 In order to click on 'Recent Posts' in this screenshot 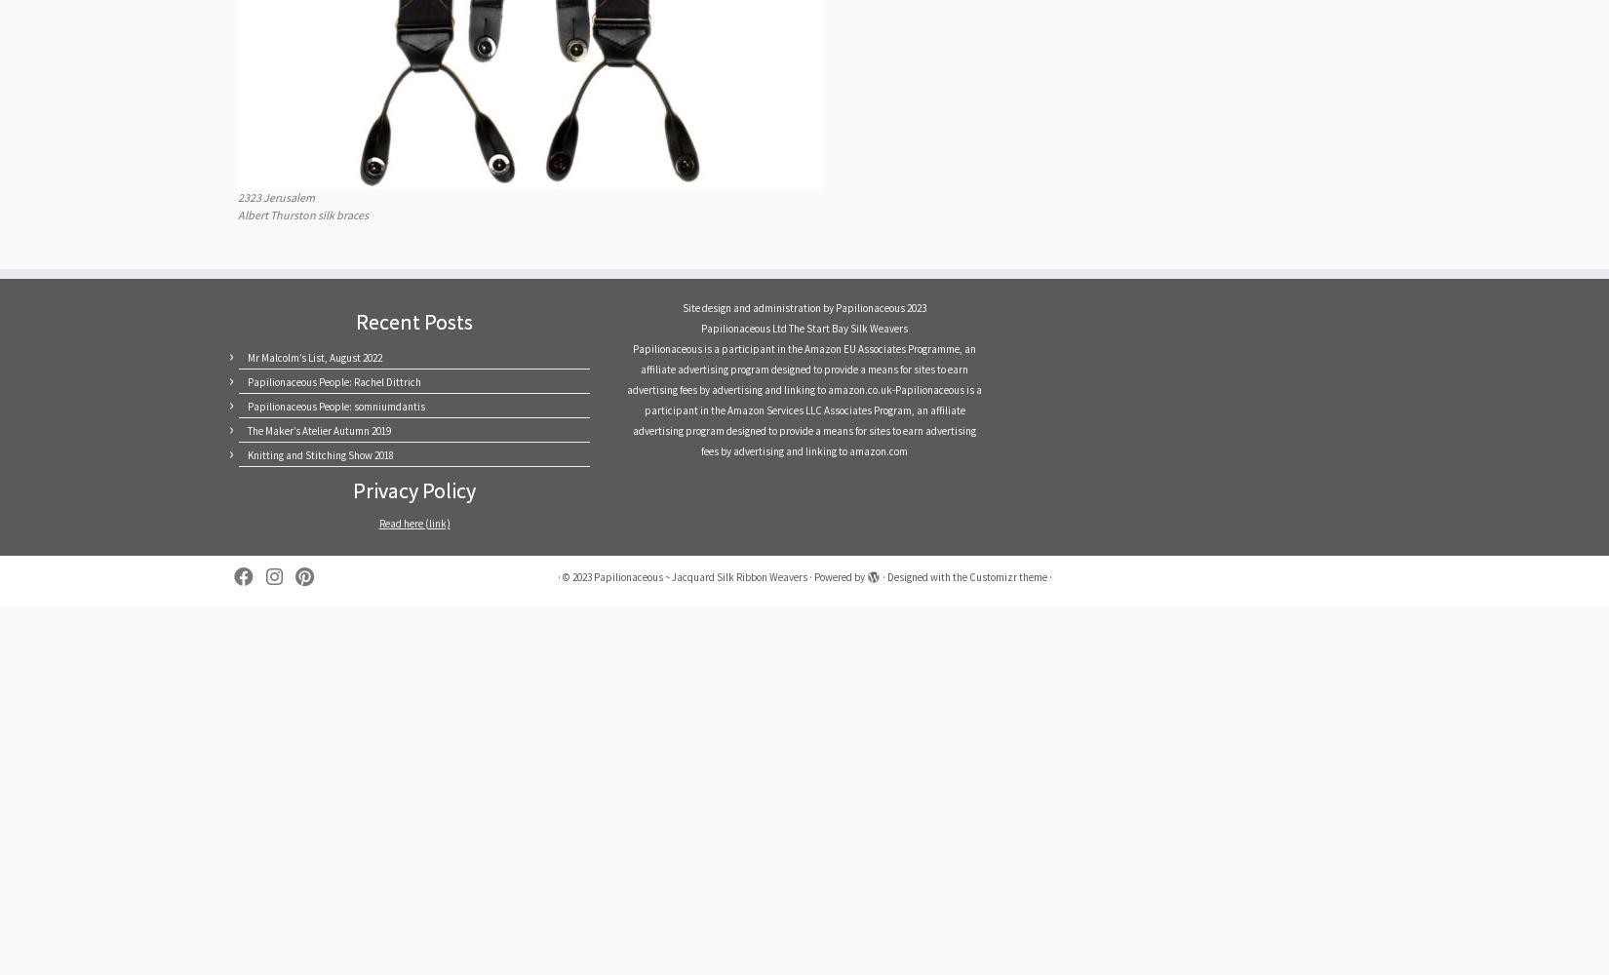, I will do `click(413, 320)`.